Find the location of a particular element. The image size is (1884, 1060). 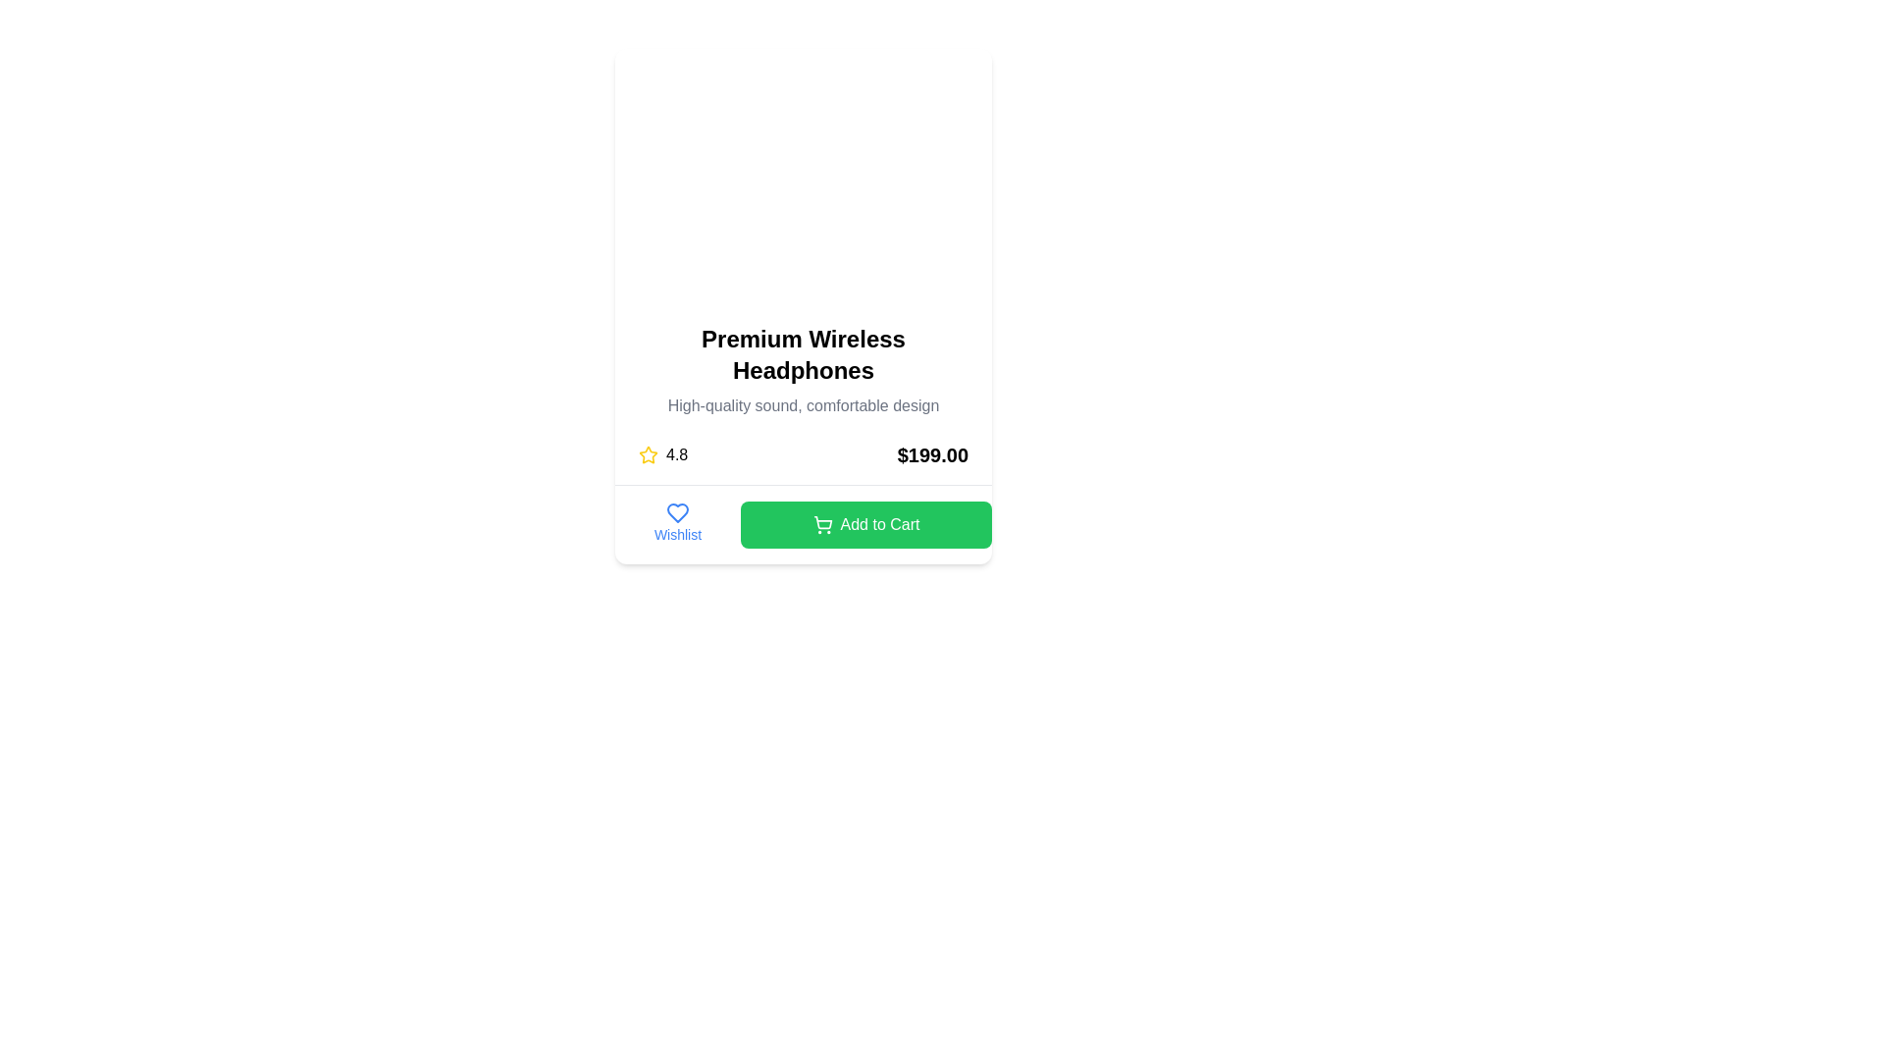

the star icon representing the product rating, which is visually aligned next to the numeric rating of '4.8' beneath the product title and description is located at coordinates (649, 454).